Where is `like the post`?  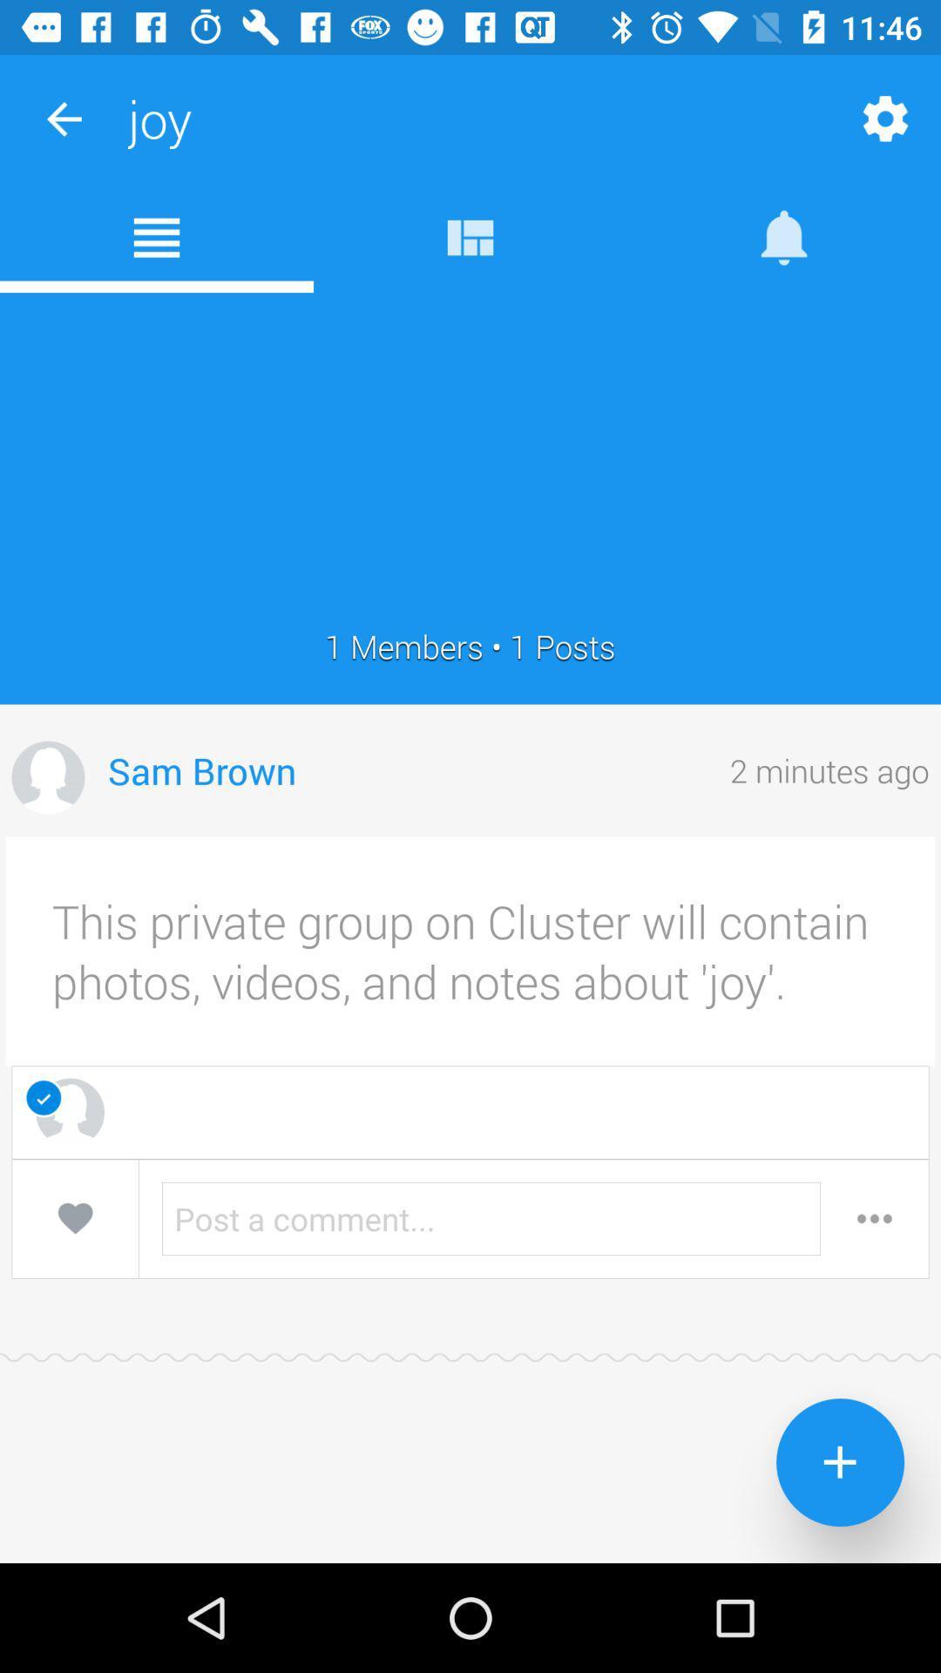
like the post is located at coordinates (74, 1217).